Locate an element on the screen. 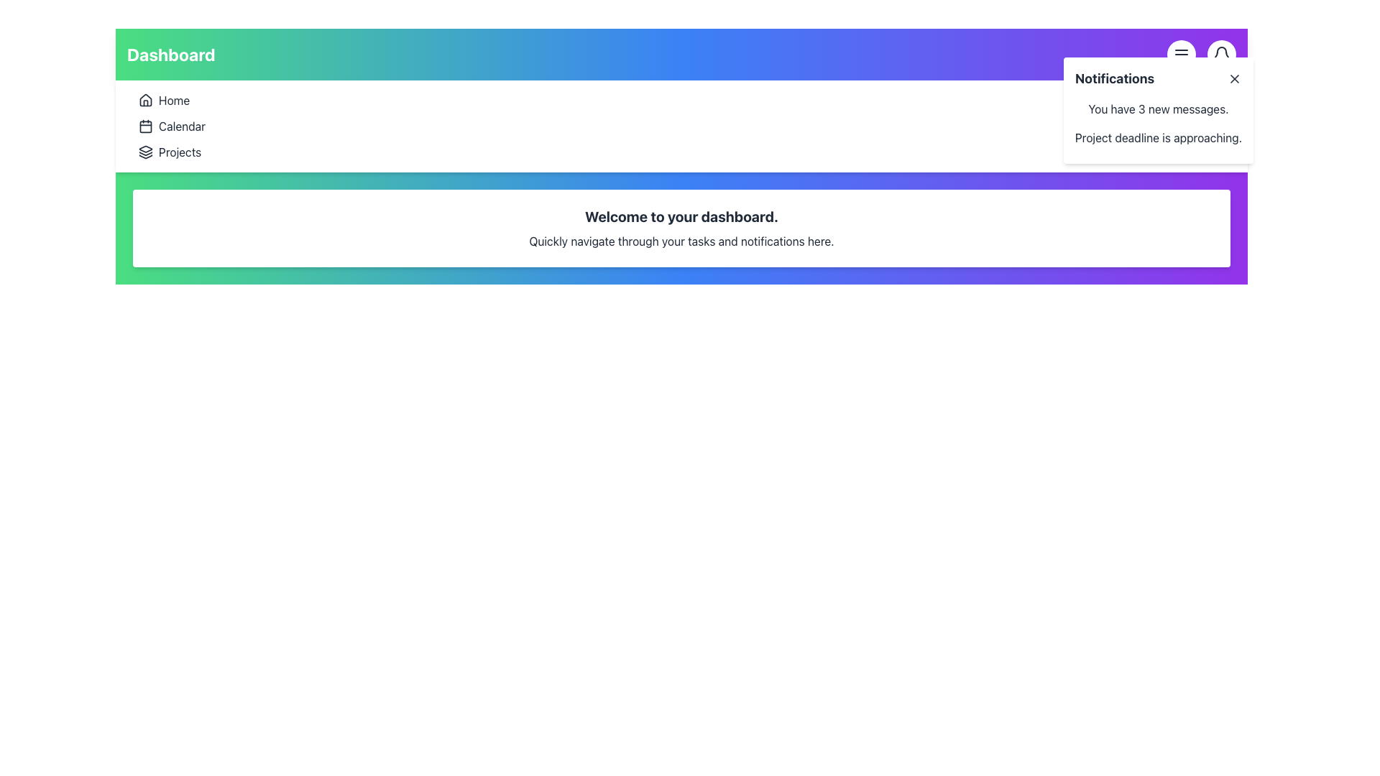  the close button on the top-right side of the notification panel is located at coordinates (1234, 79).